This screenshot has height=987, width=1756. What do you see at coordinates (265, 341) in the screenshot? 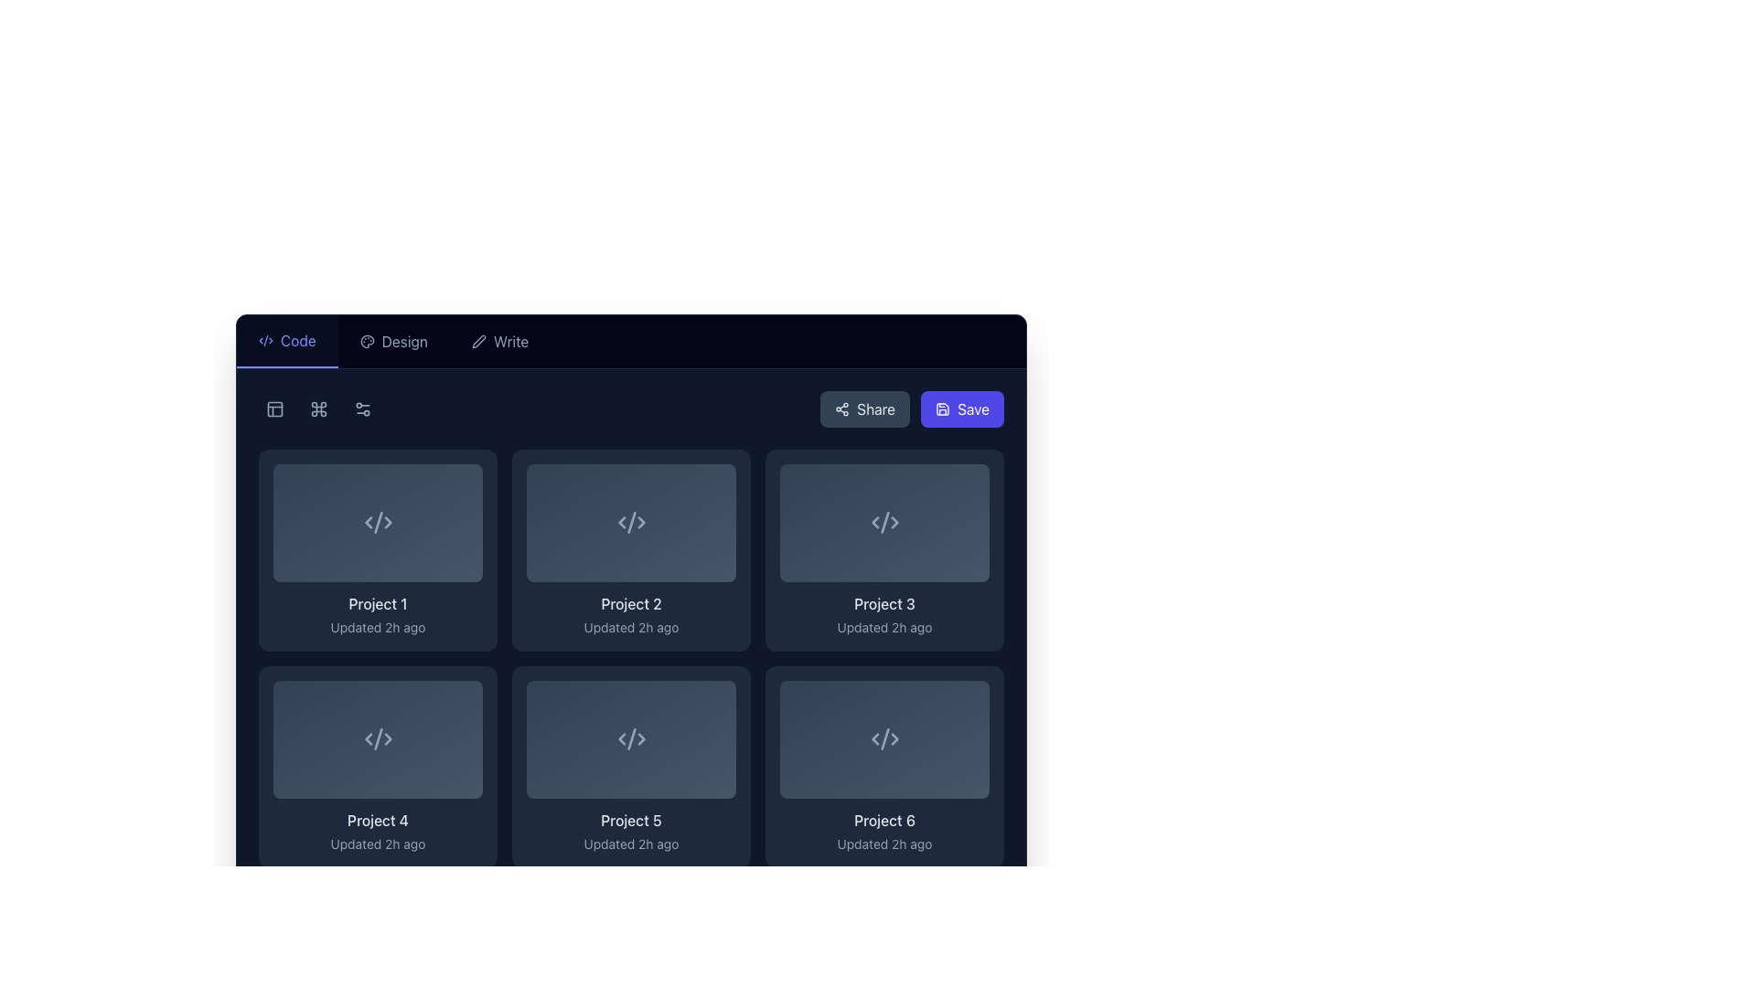
I see `the leftmost icon in the tab navigation bar that represents the 'Code' section` at bounding box center [265, 341].